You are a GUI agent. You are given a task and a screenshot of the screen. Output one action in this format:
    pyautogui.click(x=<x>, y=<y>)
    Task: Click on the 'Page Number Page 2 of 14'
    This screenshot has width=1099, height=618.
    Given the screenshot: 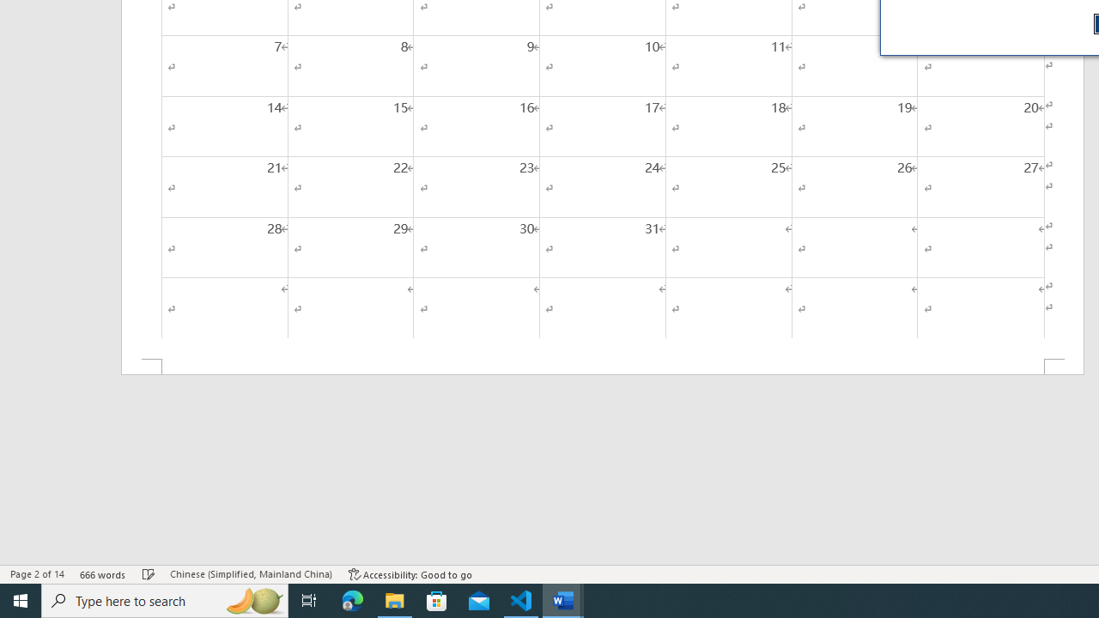 What is the action you would take?
    pyautogui.click(x=37, y=574)
    